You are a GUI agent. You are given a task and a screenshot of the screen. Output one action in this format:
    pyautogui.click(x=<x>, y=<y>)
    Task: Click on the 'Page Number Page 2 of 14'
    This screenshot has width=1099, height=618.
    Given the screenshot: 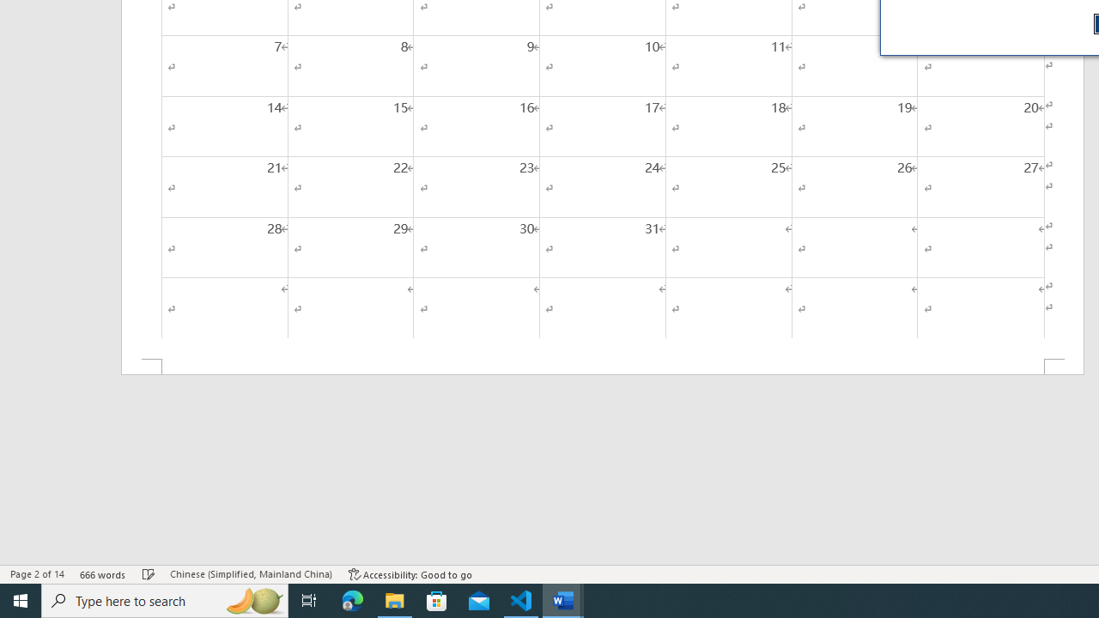 What is the action you would take?
    pyautogui.click(x=37, y=574)
    